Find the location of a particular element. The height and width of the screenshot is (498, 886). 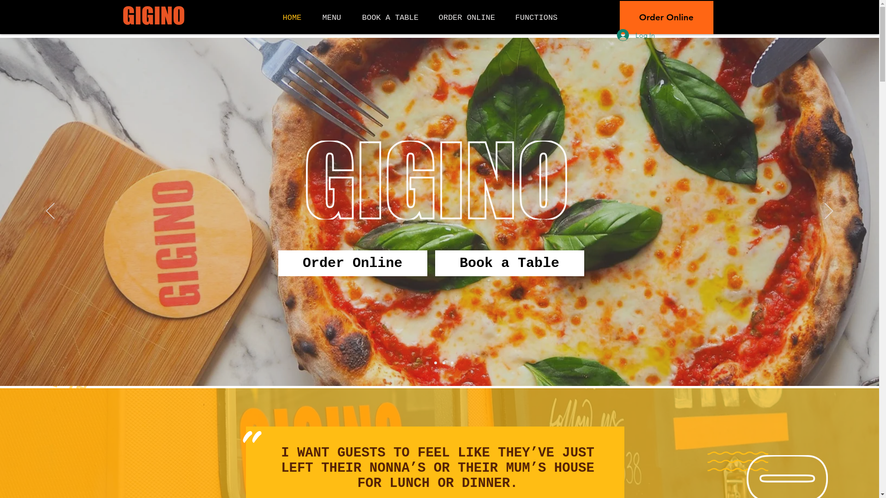

'MENU' is located at coordinates (335, 18).